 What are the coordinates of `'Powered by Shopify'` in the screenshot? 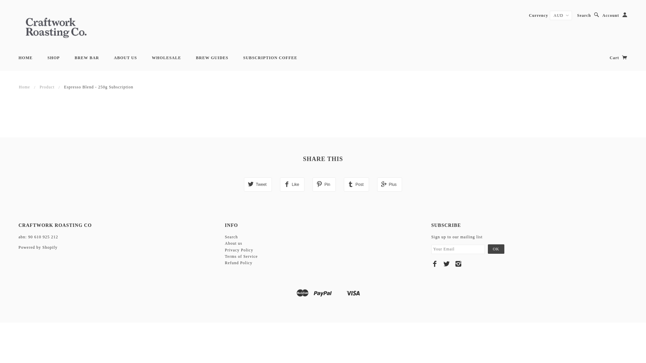 It's located at (18, 247).